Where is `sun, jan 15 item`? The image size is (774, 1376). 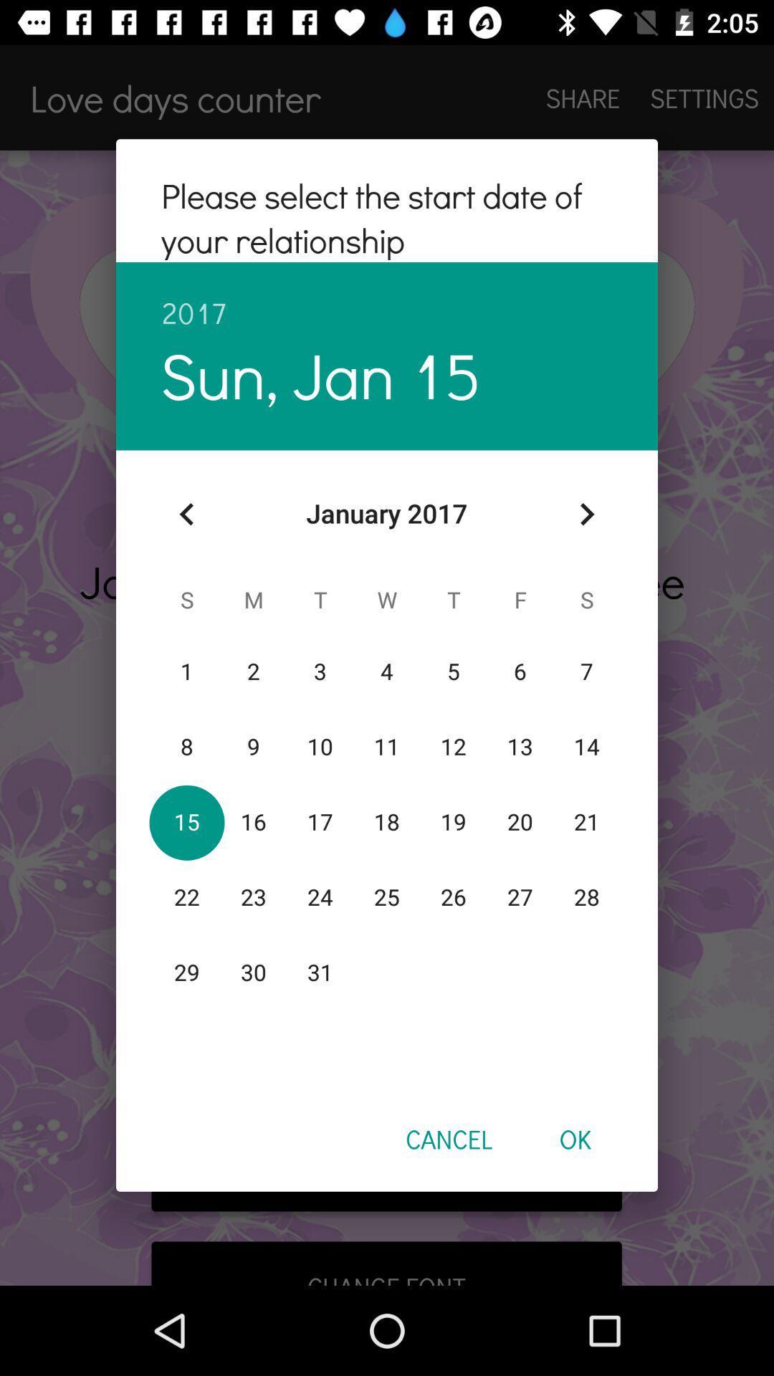 sun, jan 15 item is located at coordinates (320, 374).